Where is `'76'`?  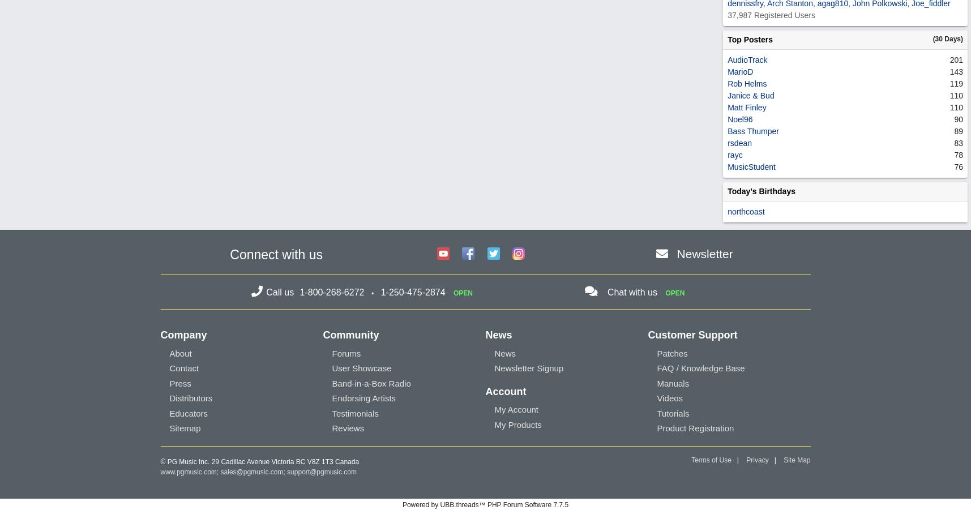
'76' is located at coordinates (959, 166).